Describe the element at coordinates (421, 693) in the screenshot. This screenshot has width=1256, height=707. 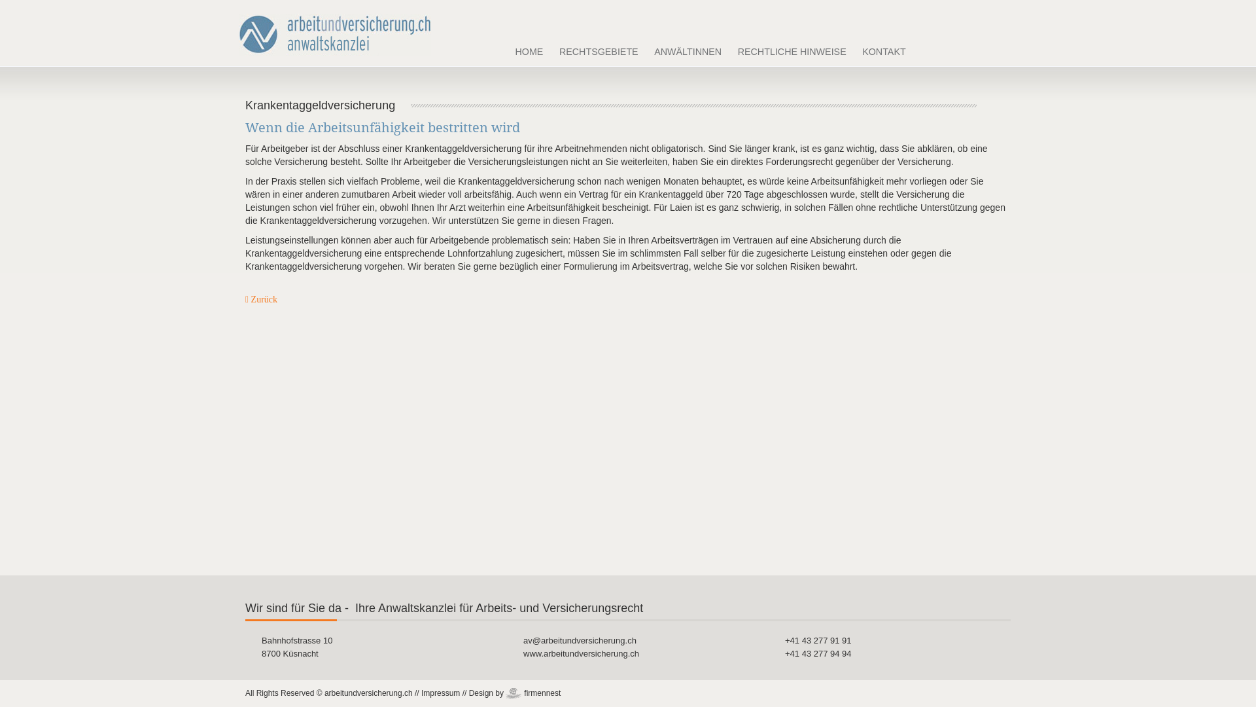
I see `'Impressum'` at that location.